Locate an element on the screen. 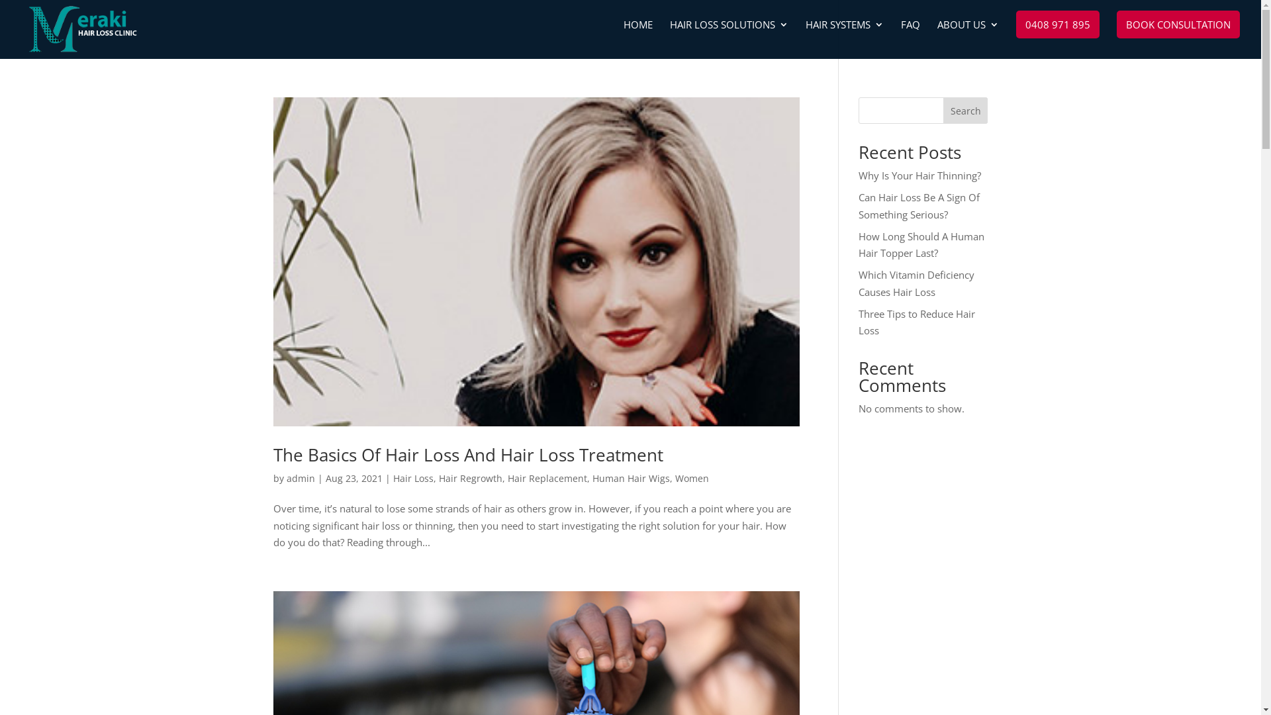 This screenshot has height=715, width=1271. 'ABOUT US' is located at coordinates (968, 38).